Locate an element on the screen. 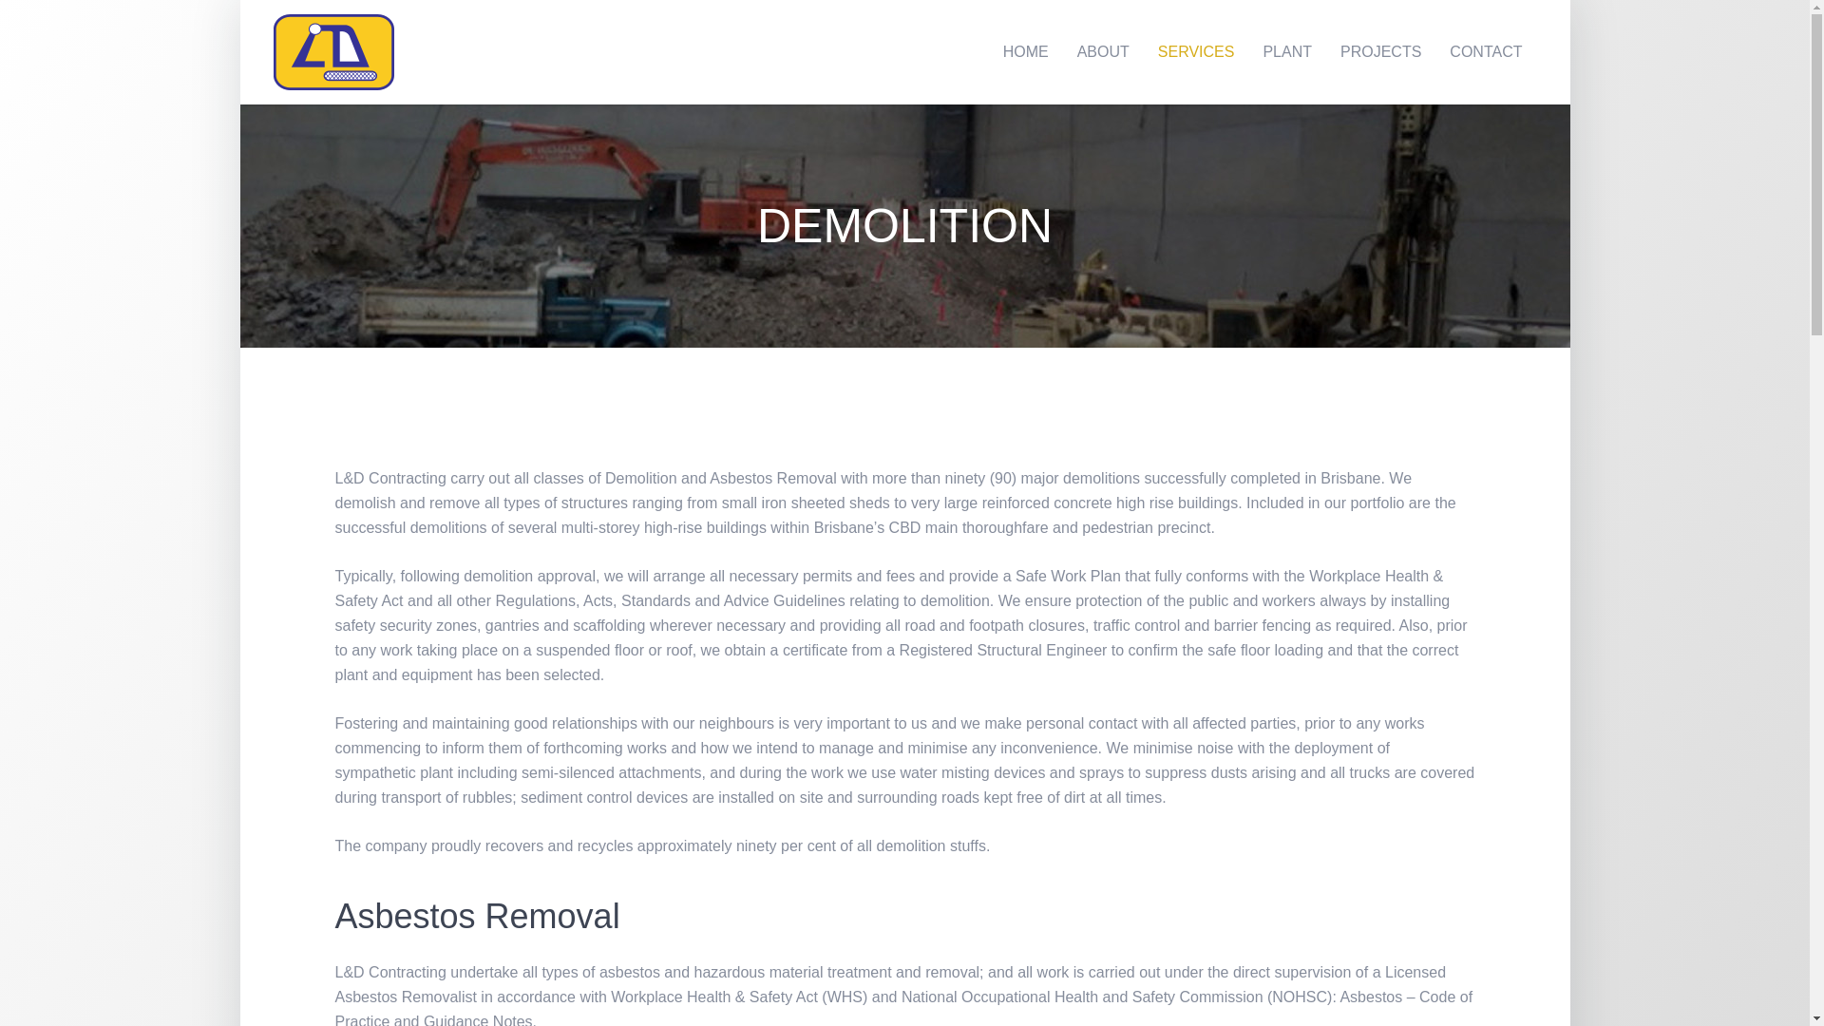 The width and height of the screenshot is (1824, 1026). 'SERVICES' is located at coordinates (1195, 50).